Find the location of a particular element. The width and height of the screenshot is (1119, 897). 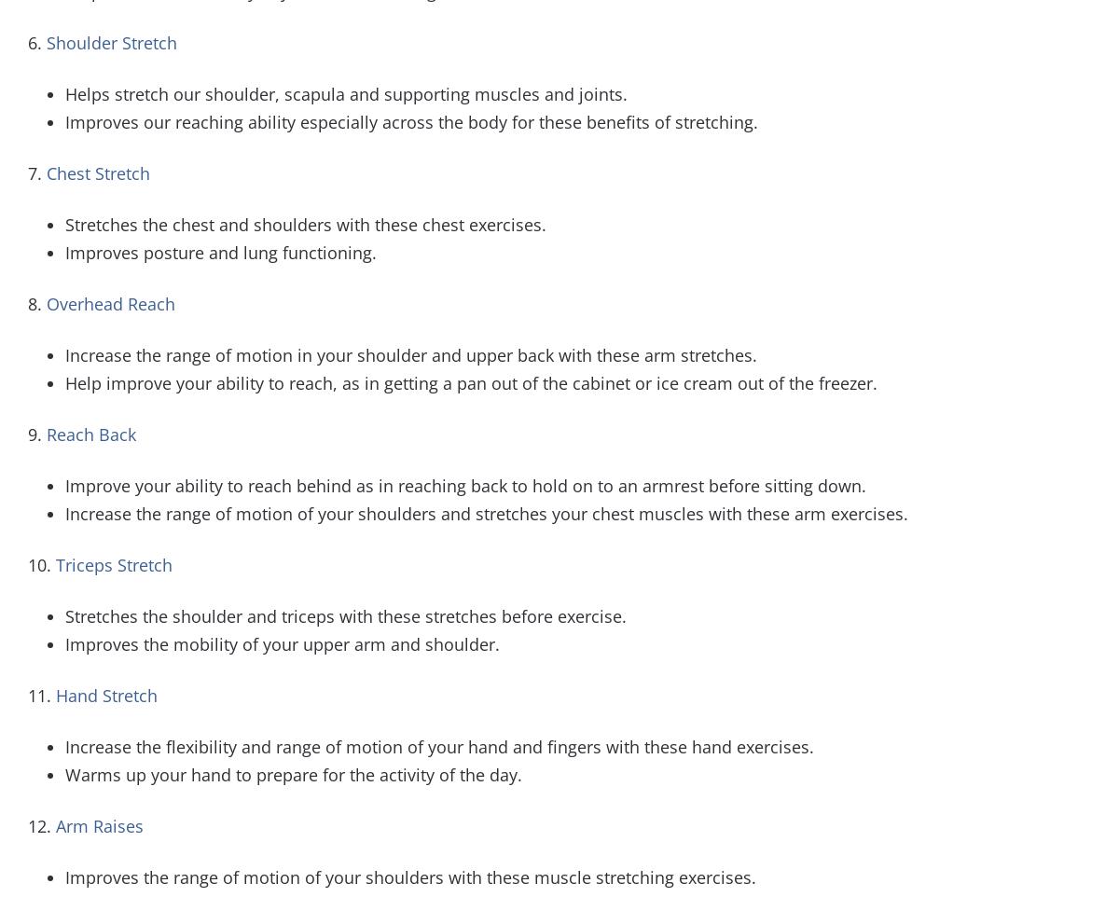

'Triceps Stretch' is located at coordinates (114, 563).